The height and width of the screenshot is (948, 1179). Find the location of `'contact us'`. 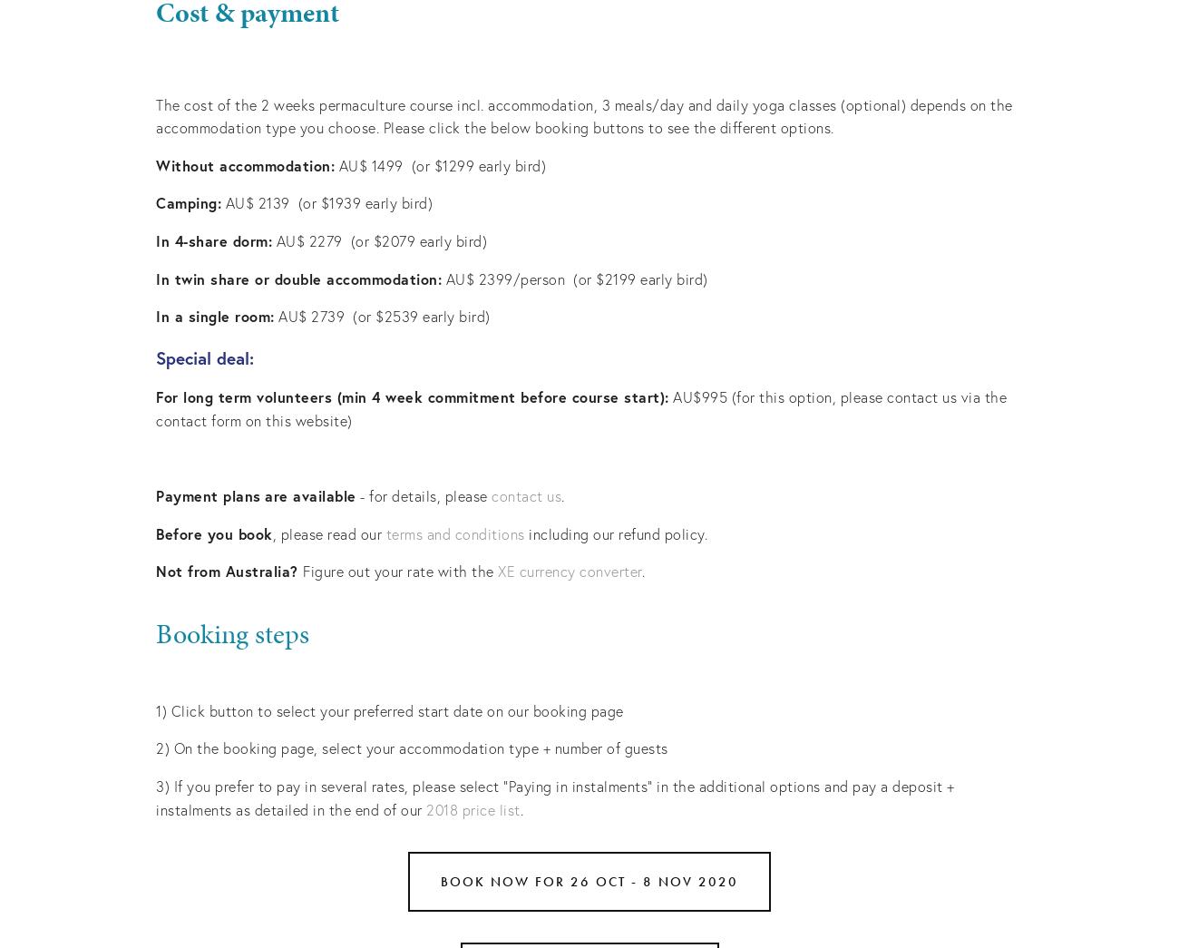

'contact us' is located at coordinates (525, 495).